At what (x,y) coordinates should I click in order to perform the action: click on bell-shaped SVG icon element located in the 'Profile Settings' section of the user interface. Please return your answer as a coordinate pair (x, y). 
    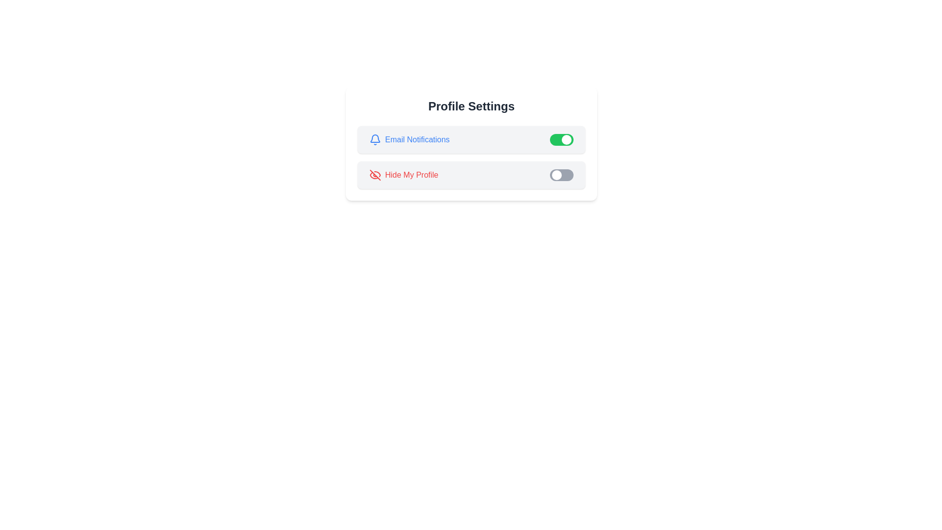
    Looking at the image, I should click on (374, 138).